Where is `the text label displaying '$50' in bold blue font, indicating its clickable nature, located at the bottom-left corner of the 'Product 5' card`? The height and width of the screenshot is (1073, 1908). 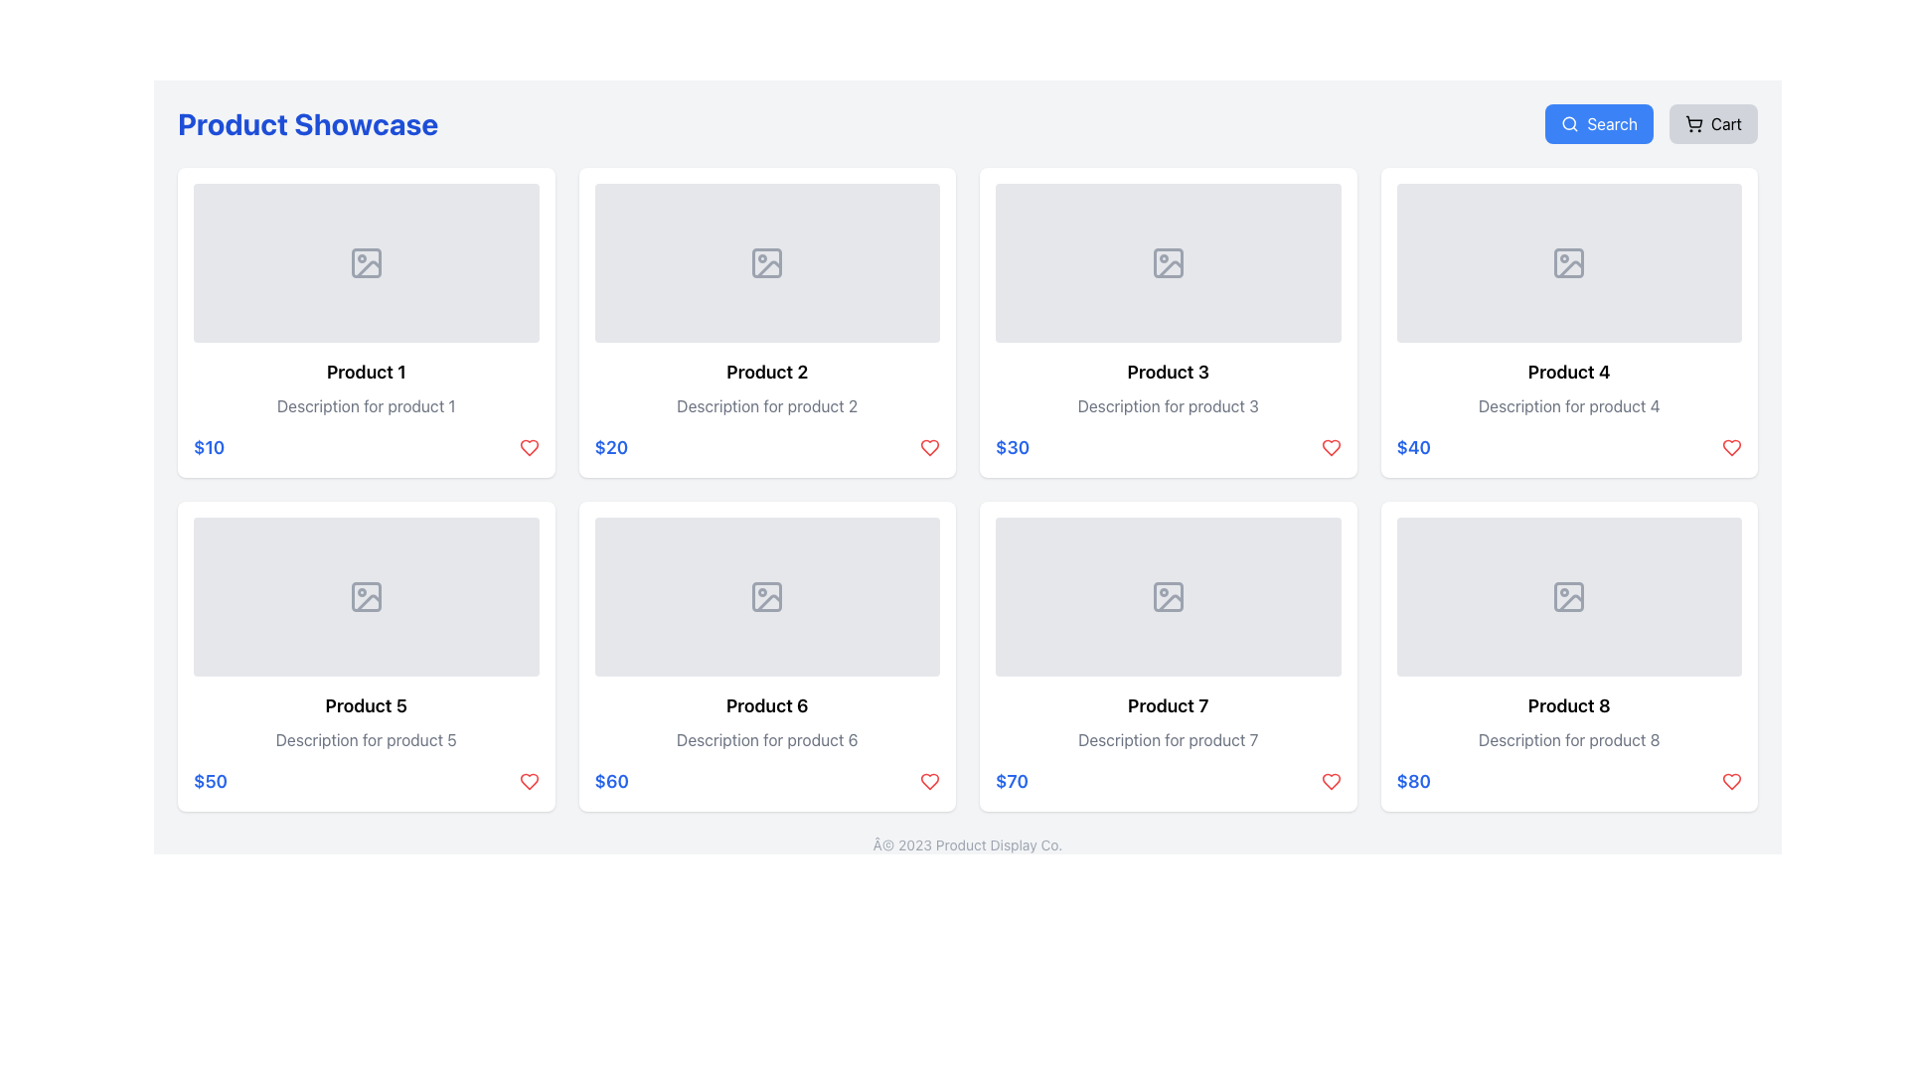
the text label displaying '$50' in bold blue font, indicating its clickable nature, located at the bottom-left corner of the 'Product 5' card is located at coordinates (210, 780).